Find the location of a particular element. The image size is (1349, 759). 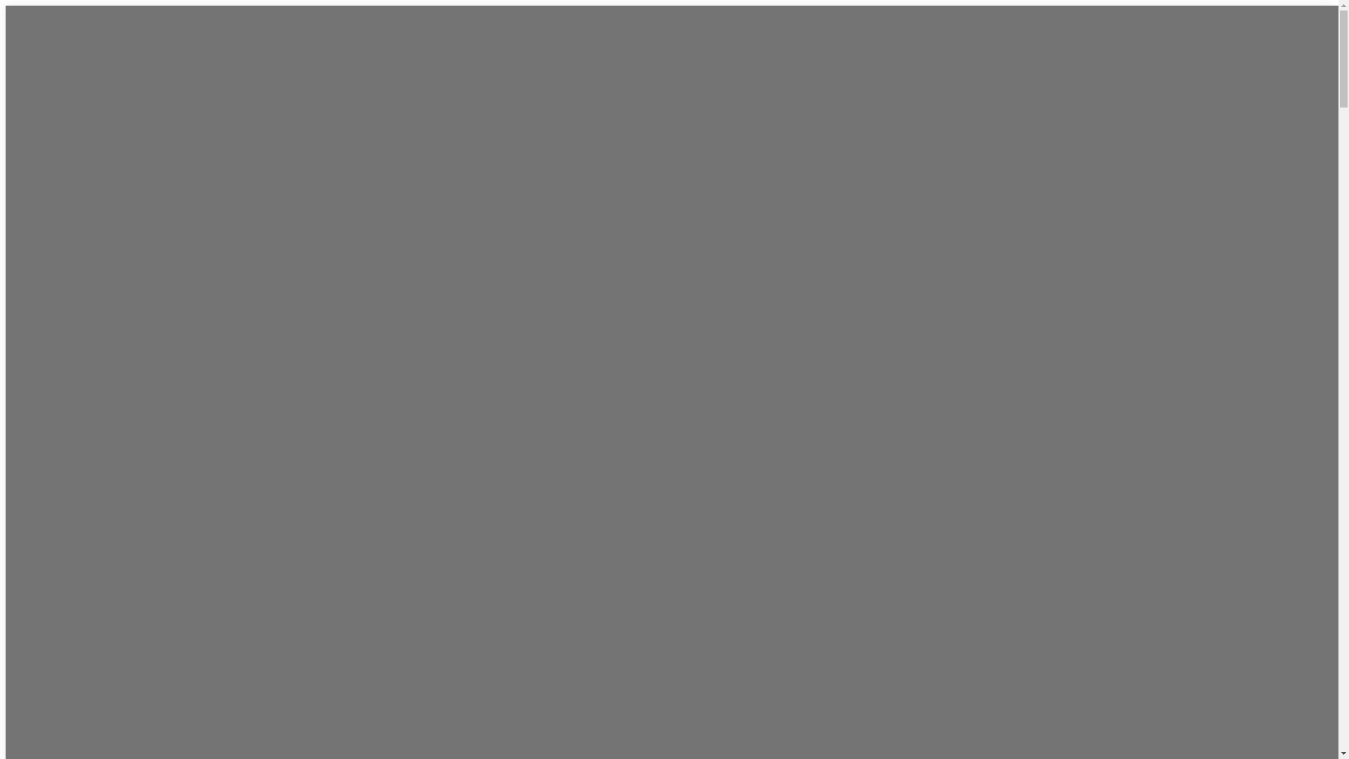

'Environment & Planning Law: Brenham v North Sydney Council' is located at coordinates (661, 694).